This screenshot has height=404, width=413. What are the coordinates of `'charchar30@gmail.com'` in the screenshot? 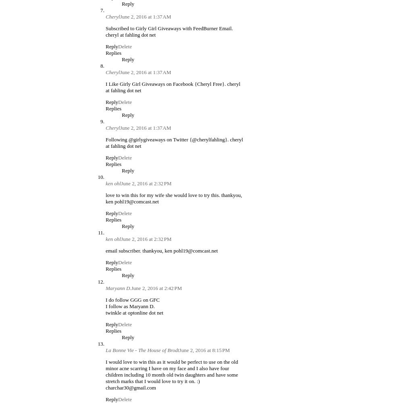 It's located at (130, 387).